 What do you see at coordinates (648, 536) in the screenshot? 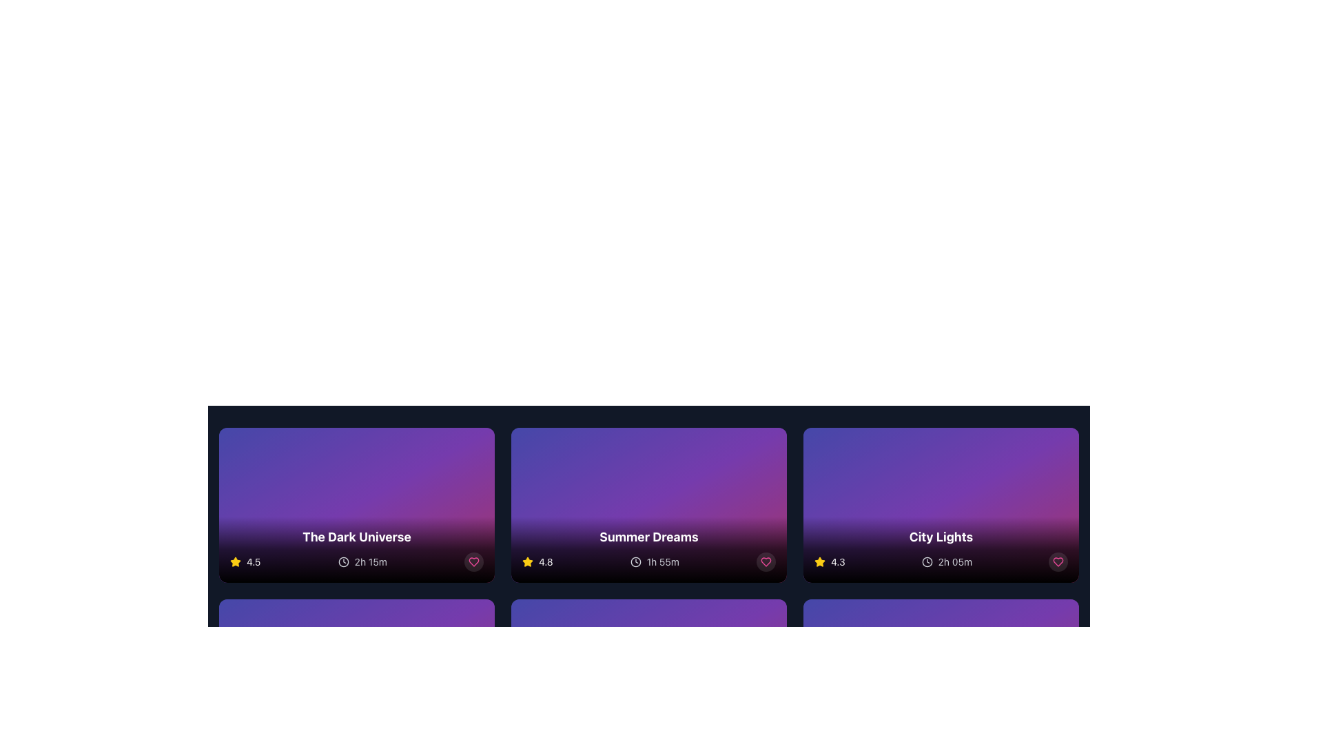
I see `the Text label located at the bottom portion of the central card in the second row of the grid structure, which represents the title or name of the card` at bounding box center [648, 536].